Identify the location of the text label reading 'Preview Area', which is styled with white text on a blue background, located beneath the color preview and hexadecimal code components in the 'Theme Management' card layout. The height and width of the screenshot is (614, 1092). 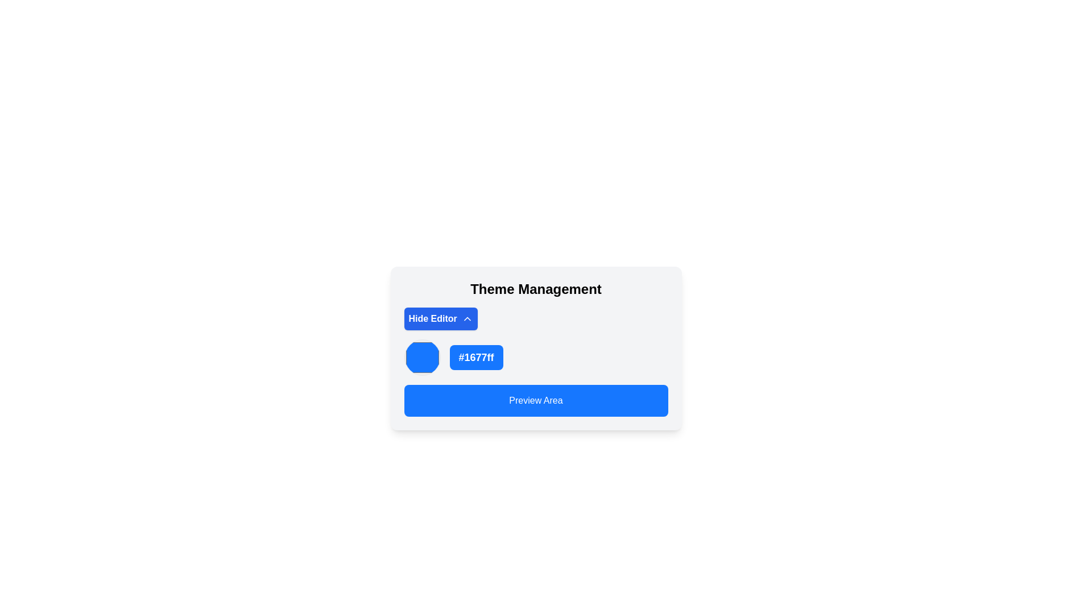
(535, 400).